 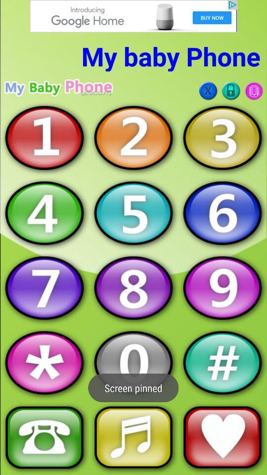 What do you see at coordinates (254, 91) in the screenshot?
I see `turn on/off vibrate` at bounding box center [254, 91].